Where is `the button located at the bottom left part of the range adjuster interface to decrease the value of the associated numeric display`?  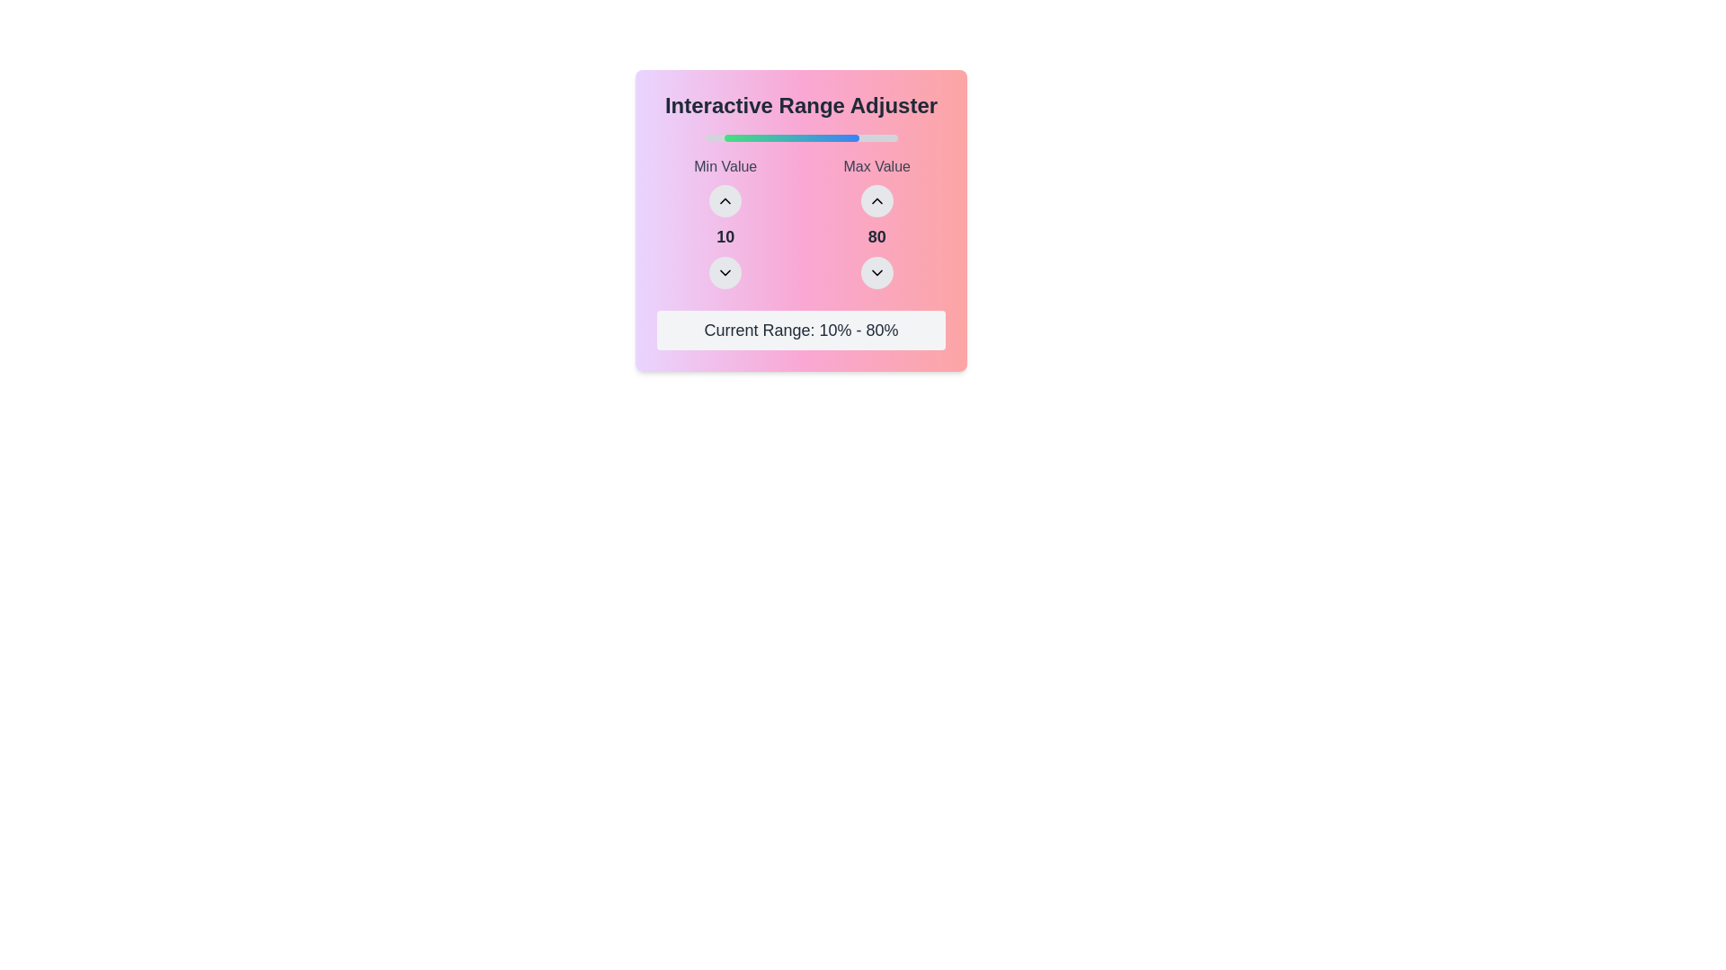 the button located at the bottom left part of the range adjuster interface to decrease the value of the associated numeric display is located at coordinates (725, 273).